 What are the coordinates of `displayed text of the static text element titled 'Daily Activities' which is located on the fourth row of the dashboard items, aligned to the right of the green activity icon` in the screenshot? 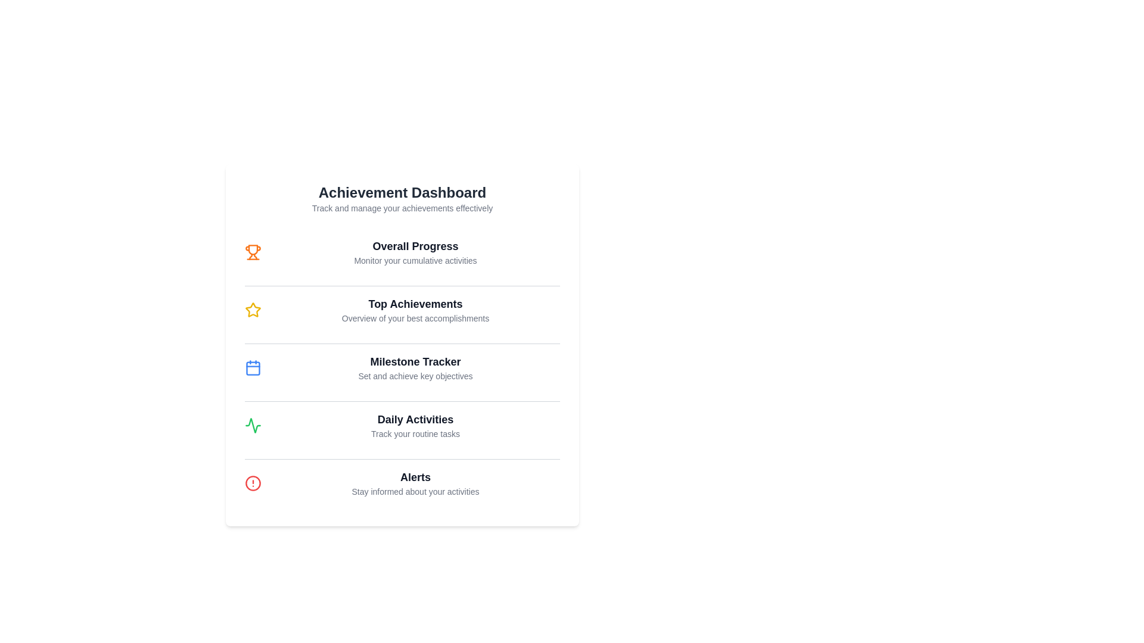 It's located at (415, 424).